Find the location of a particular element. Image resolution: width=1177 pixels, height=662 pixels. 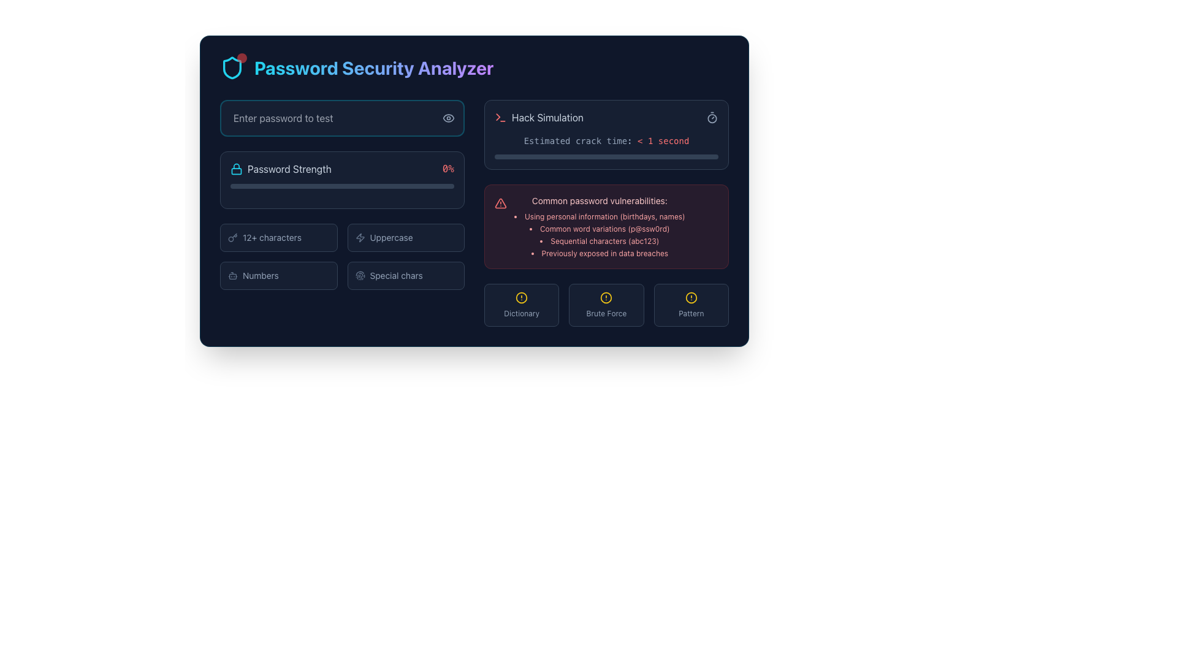

the Label or Section Heading for hacking simulation metrics located in the upper right quadrant of the interface, above the 'Estimated crack time' section and to the left of the clock icon is located at coordinates (539, 118).